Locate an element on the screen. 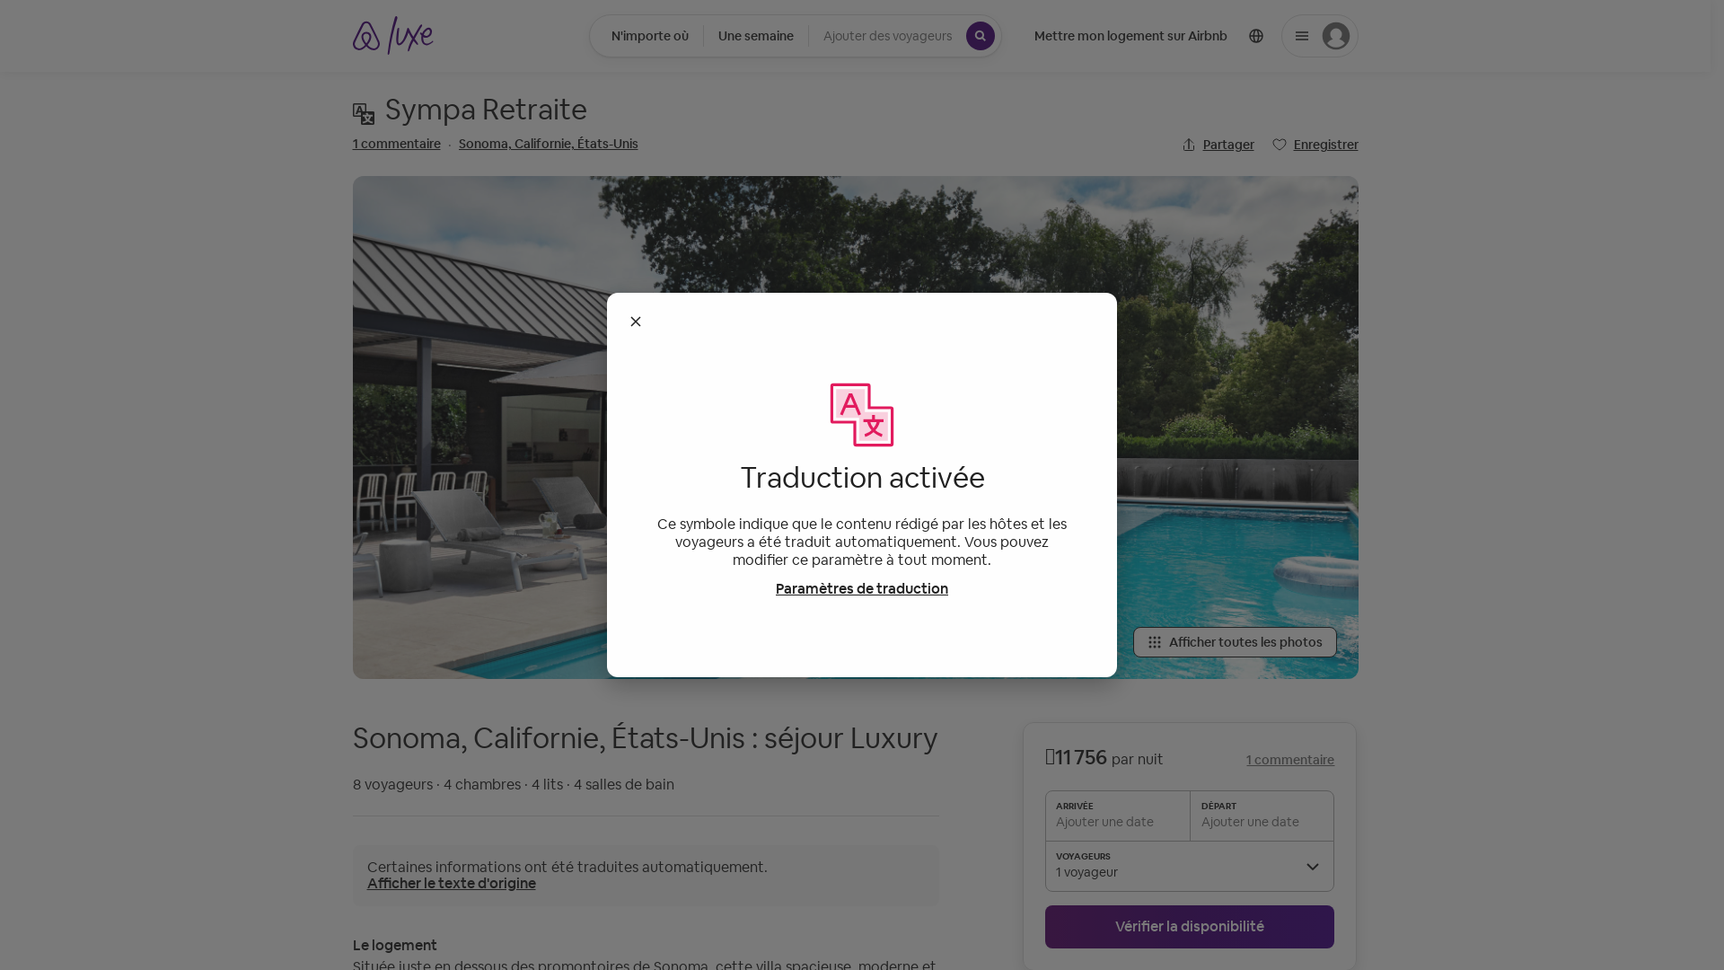 The width and height of the screenshot is (1724, 970). 'Mettre mon logement sur Airbnb' is located at coordinates (1130, 35).